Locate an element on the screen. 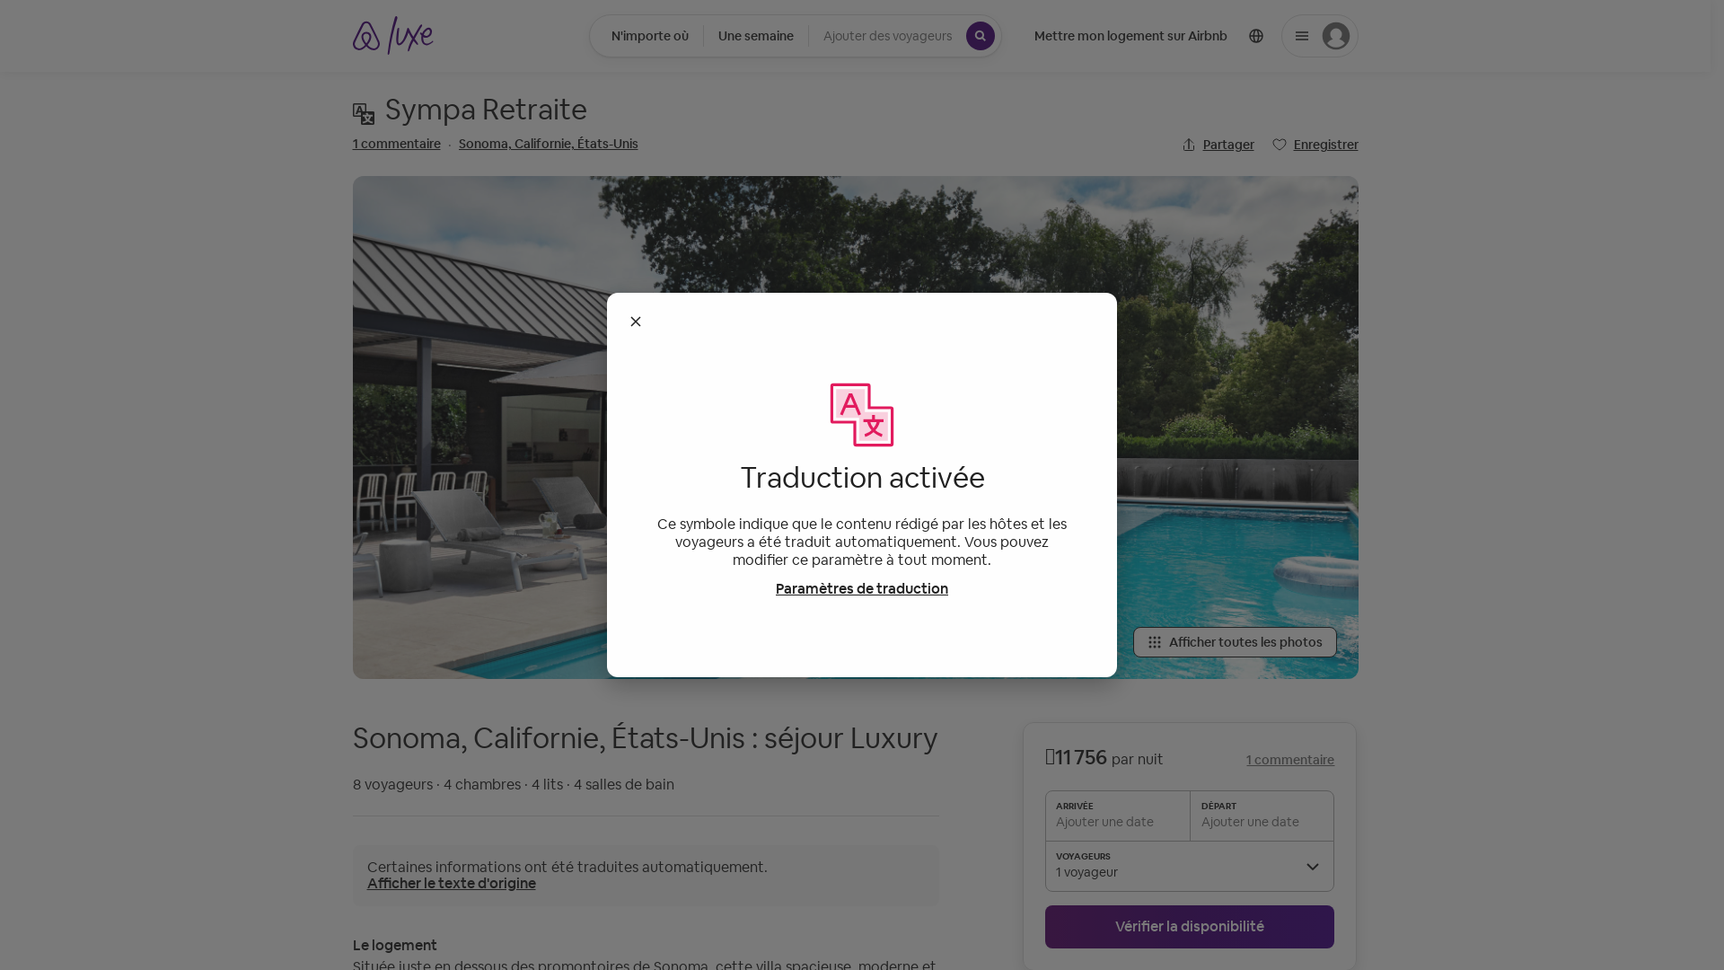 The width and height of the screenshot is (1724, 970). 'Mettre mon logement sur Airbnb' is located at coordinates (1130, 35).